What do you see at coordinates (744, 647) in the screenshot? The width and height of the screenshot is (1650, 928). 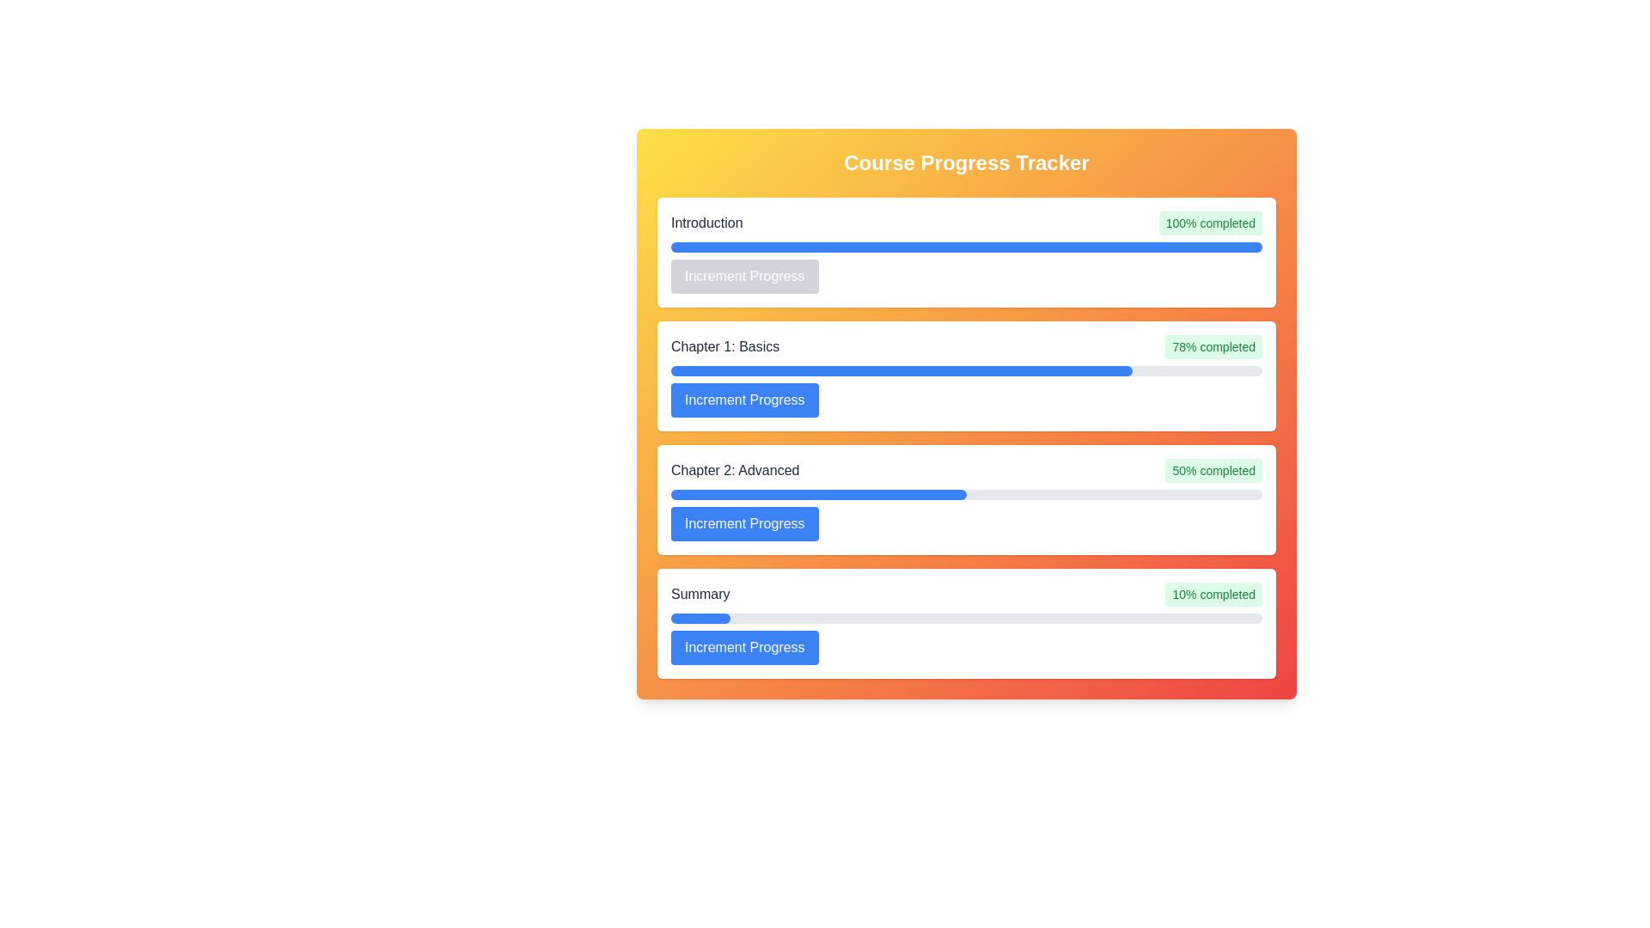 I see `the 'Increment Progress' button with a blue background and rounded corners located in the 'Summary' section` at bounding box center [744, 647].